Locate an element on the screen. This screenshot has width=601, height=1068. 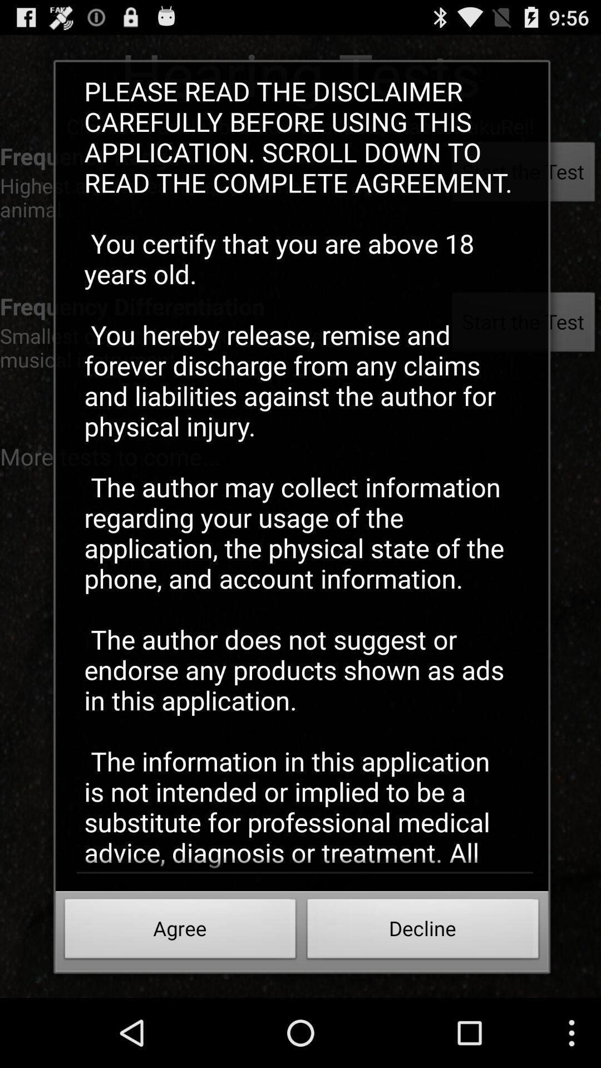
the app below please read the is located at coordinates (423, 932).